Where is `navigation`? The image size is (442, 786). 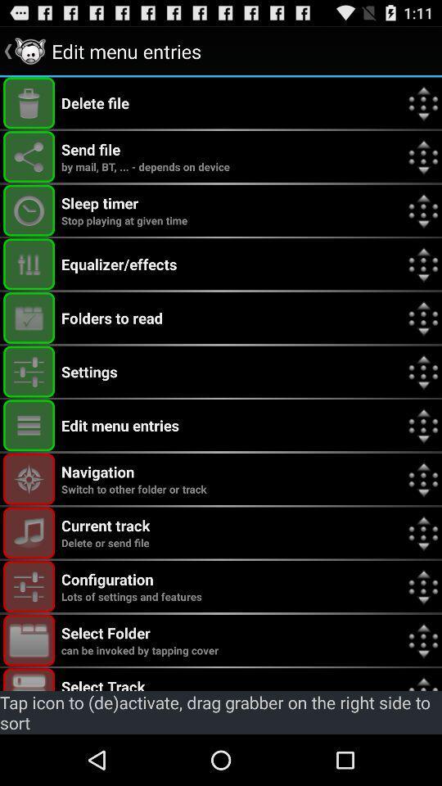 navigation is located at coordinates (29, 479).